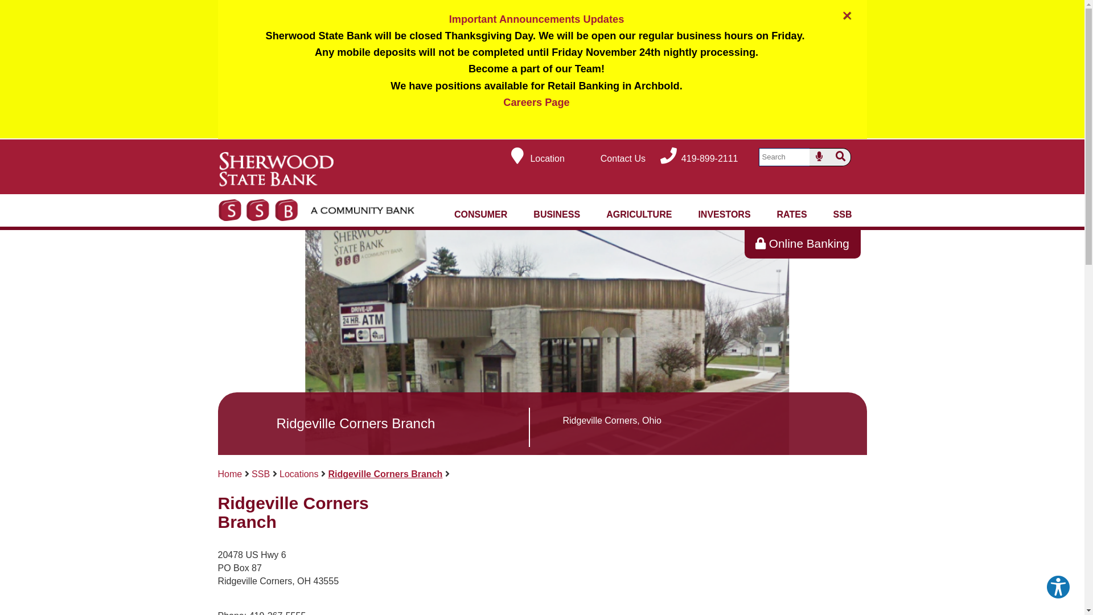 This screenshot has width=1093, height=615. I want to click on 'RATES', so click(791, 215).